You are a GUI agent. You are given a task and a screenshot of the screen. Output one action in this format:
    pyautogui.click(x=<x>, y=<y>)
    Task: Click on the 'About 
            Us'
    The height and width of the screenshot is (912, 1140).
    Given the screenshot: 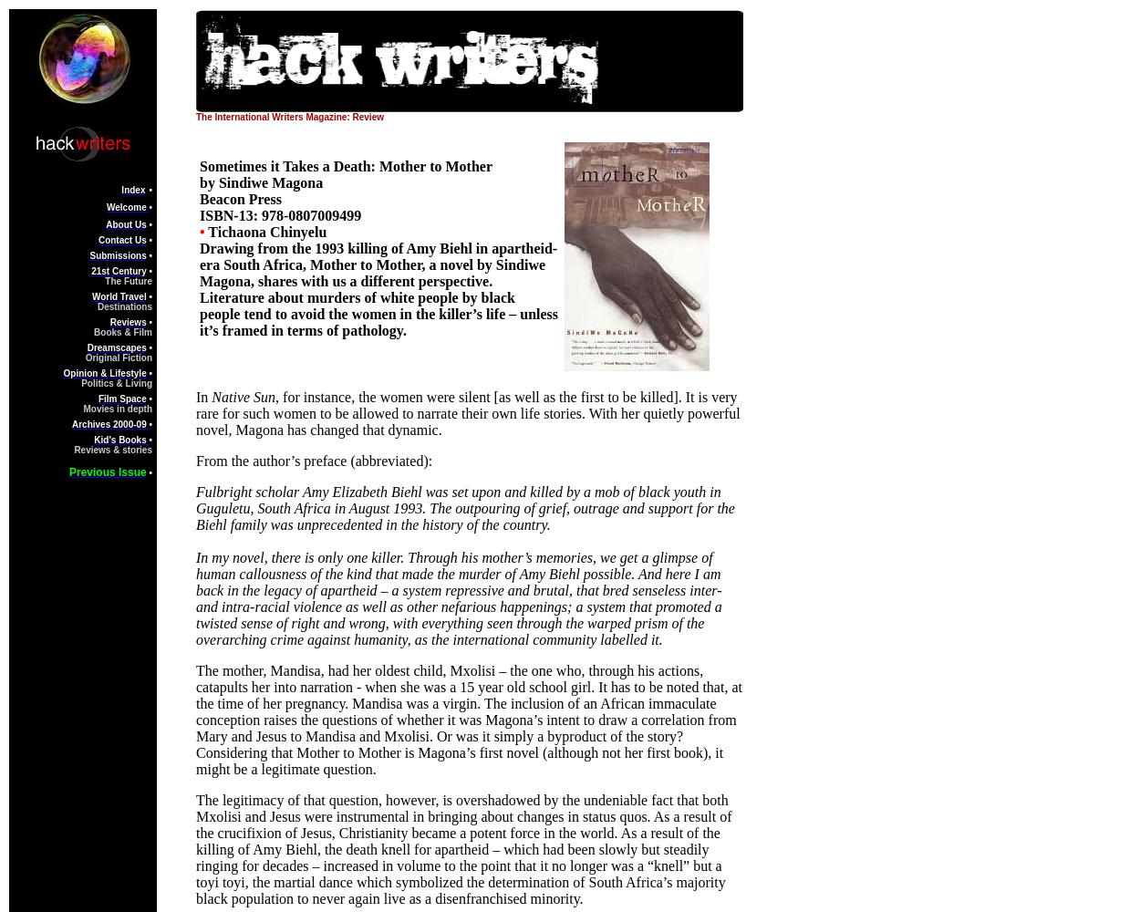 What is the action you would take?
    pyautogui.click(x=126, y=223)
    